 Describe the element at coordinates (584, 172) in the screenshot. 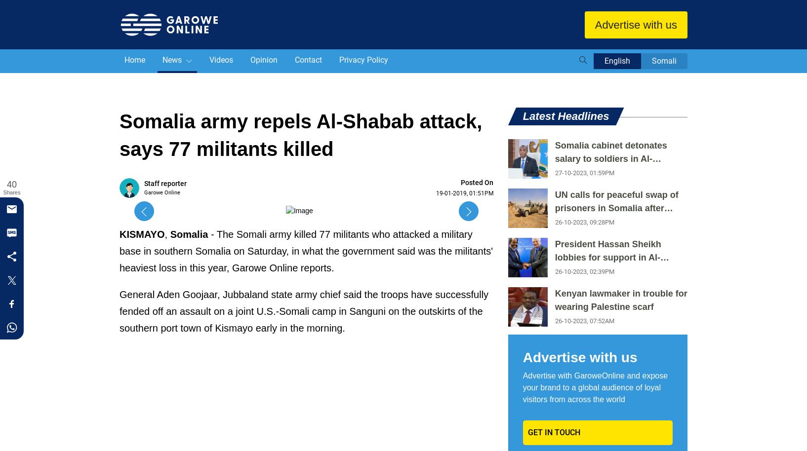

I see `'27-10-2023, 01:59PM'` at that location.